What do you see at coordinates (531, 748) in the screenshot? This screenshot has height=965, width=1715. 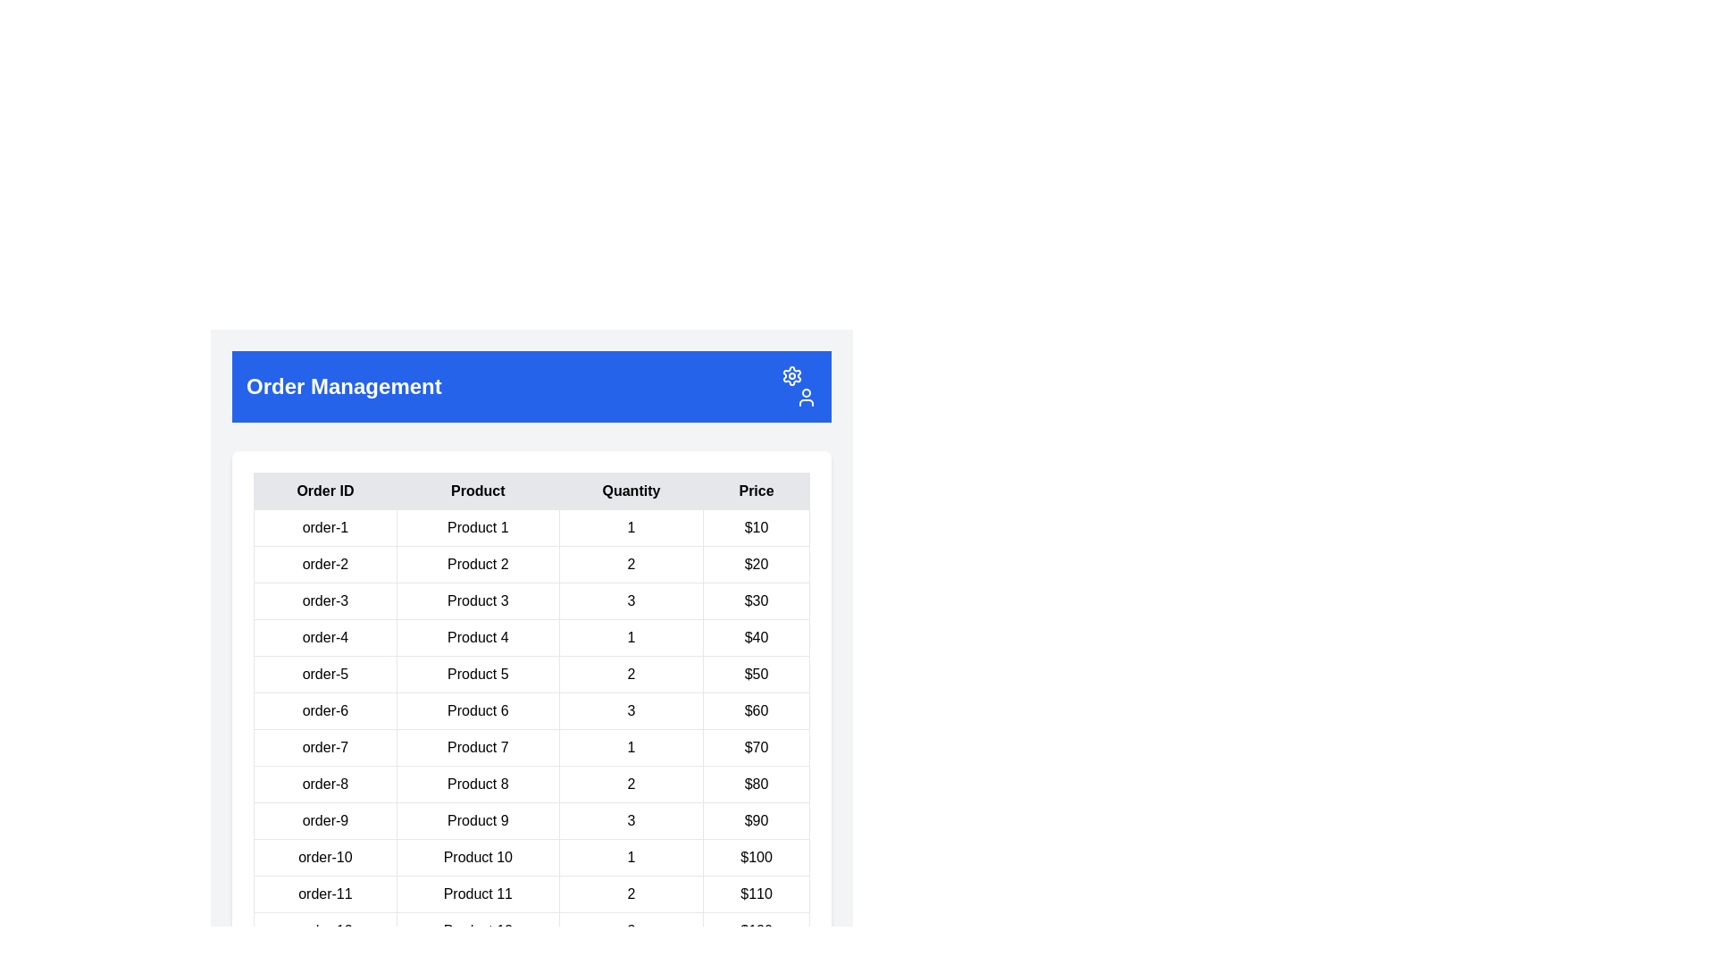 I see `the seventh row of the order table` at bounding box center [531, 748].